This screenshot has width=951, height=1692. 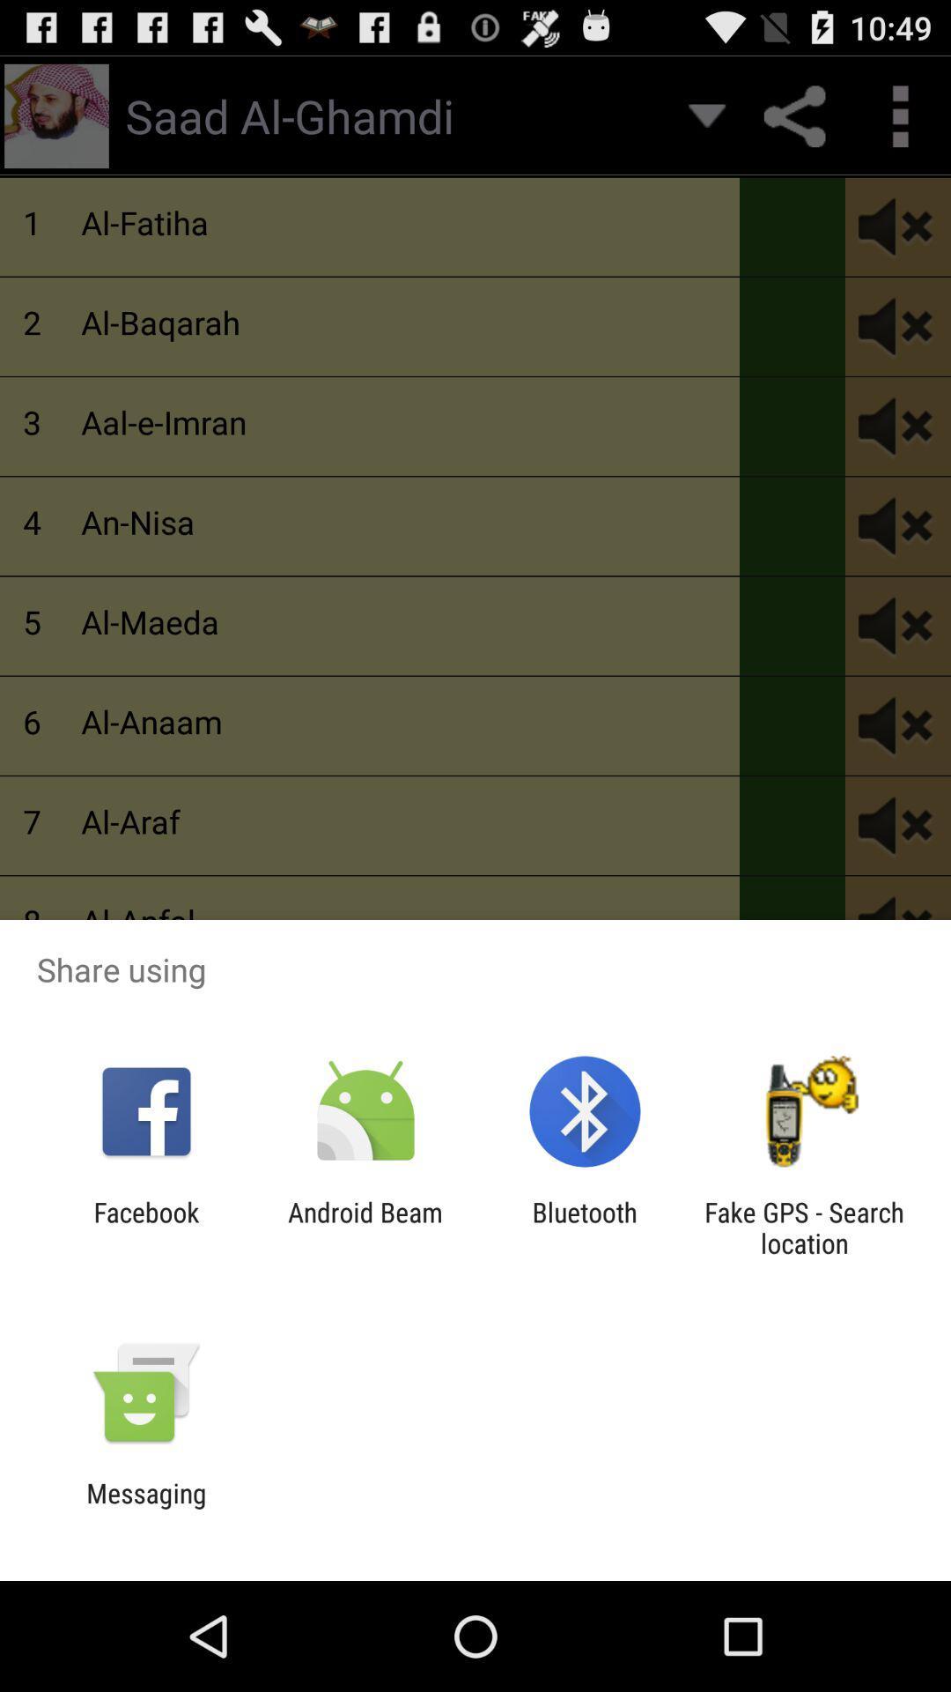 What do you see at coordinates (145, 1227) in the screenshot?
I see `the item next to the android beam` at bounding box center [145, 1227].